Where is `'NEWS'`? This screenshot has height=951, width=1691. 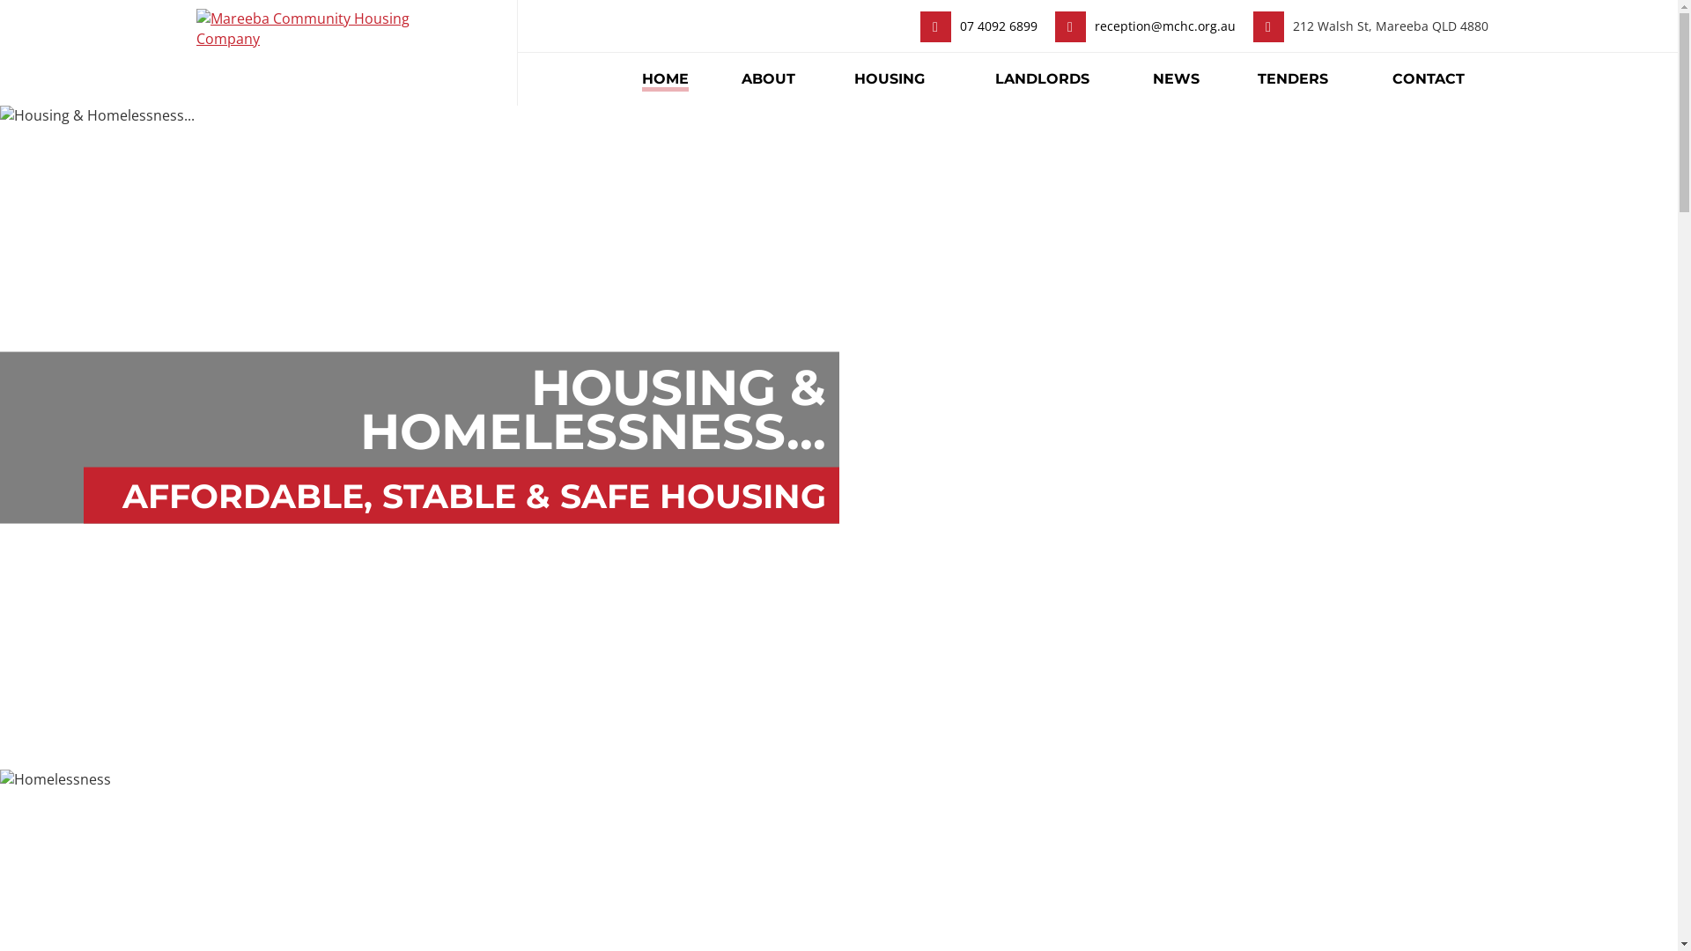 'NEWS' is located at coordinates (1176, 77).